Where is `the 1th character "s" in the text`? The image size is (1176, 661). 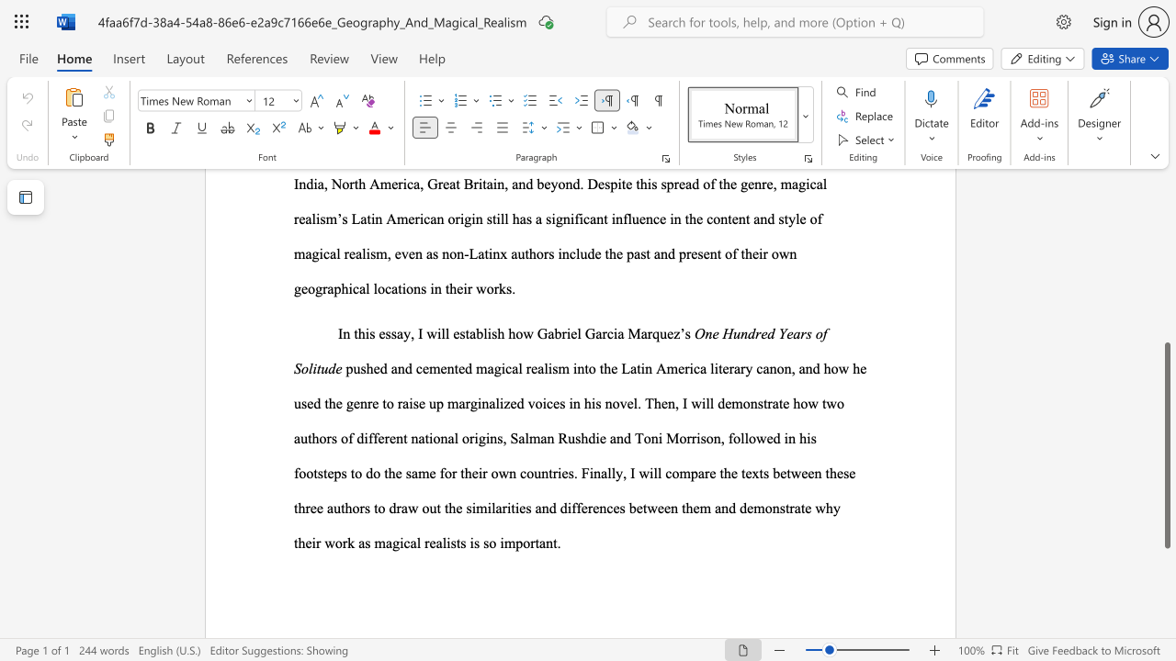 the 1th character "s" in the text is located at coordinates (782, 508).